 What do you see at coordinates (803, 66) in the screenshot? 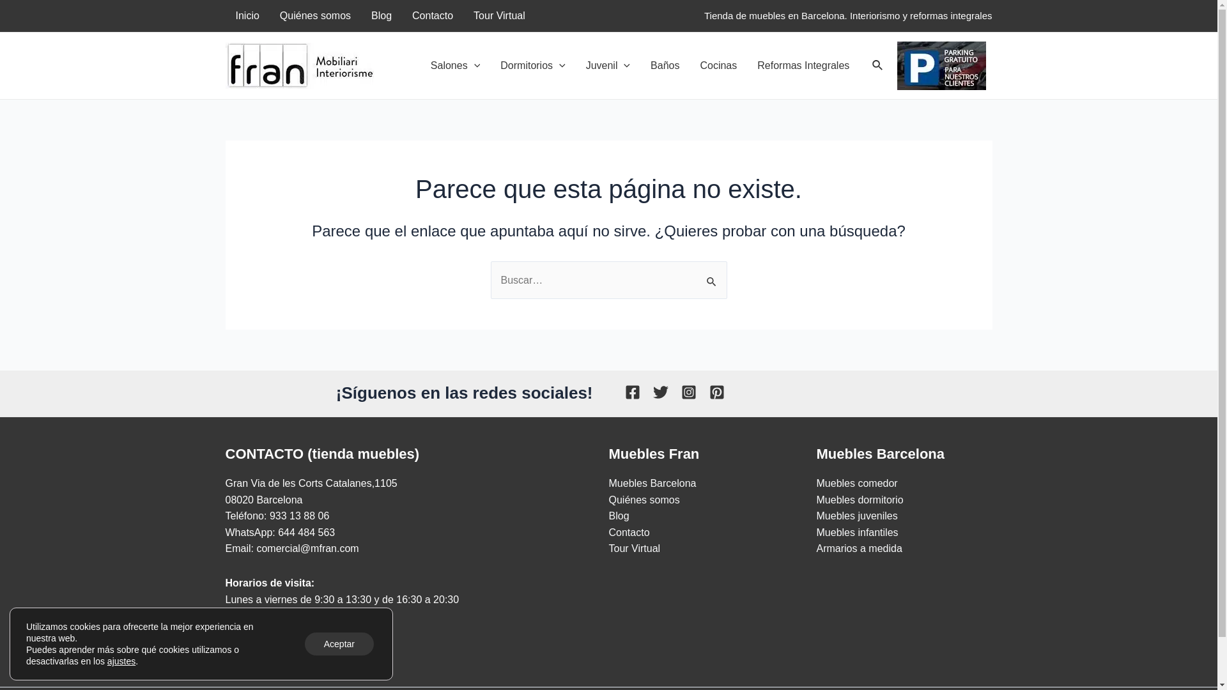
I see `'Reformas Integrales'` at bounding box center [803, 66].